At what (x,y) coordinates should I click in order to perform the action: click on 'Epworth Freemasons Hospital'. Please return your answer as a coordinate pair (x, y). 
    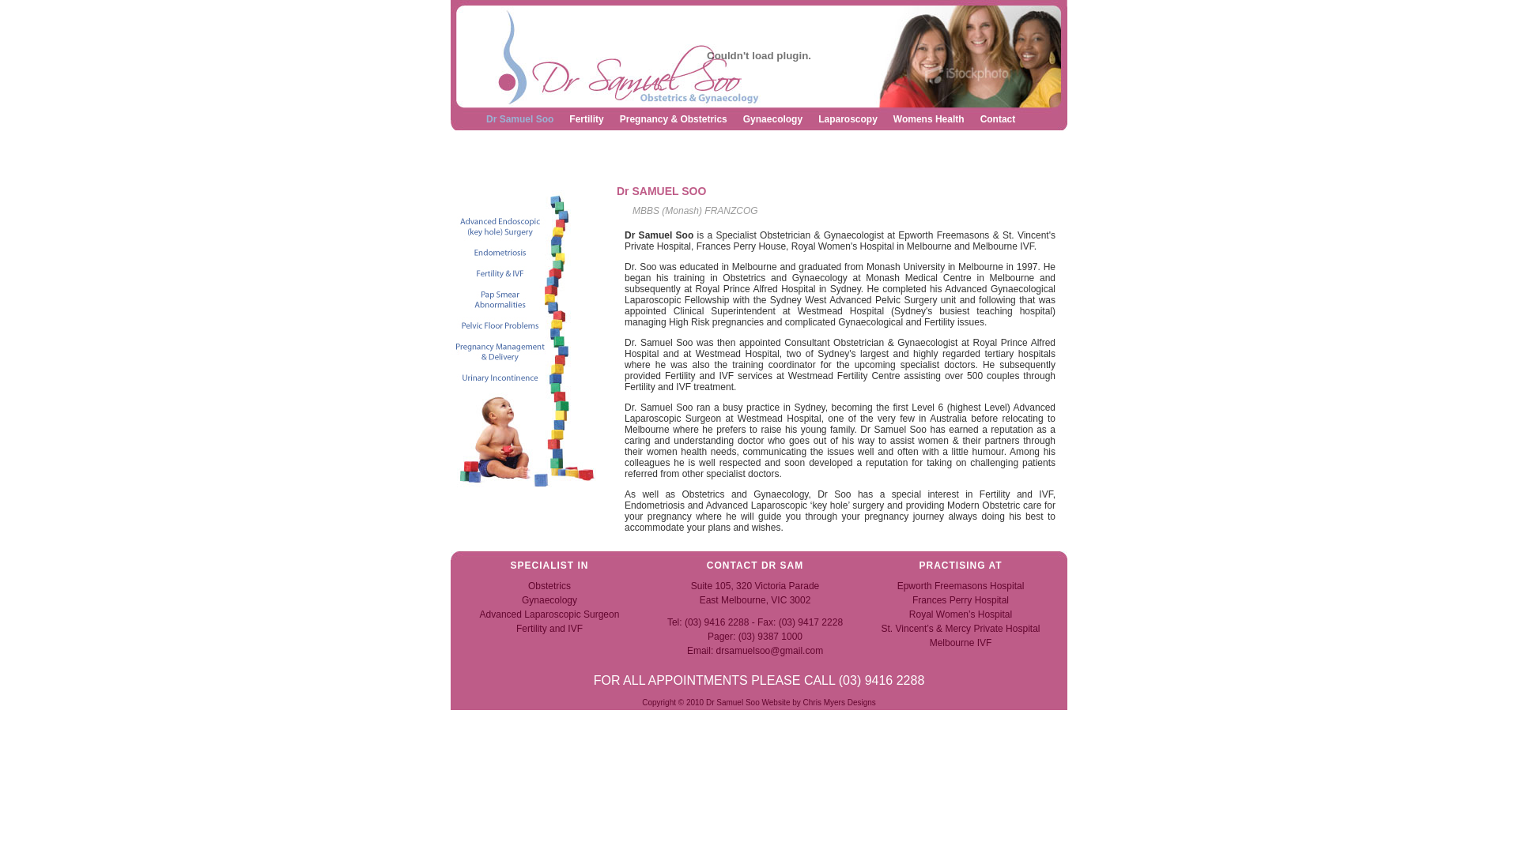
    Looking at the image, I should click on (960, 585).